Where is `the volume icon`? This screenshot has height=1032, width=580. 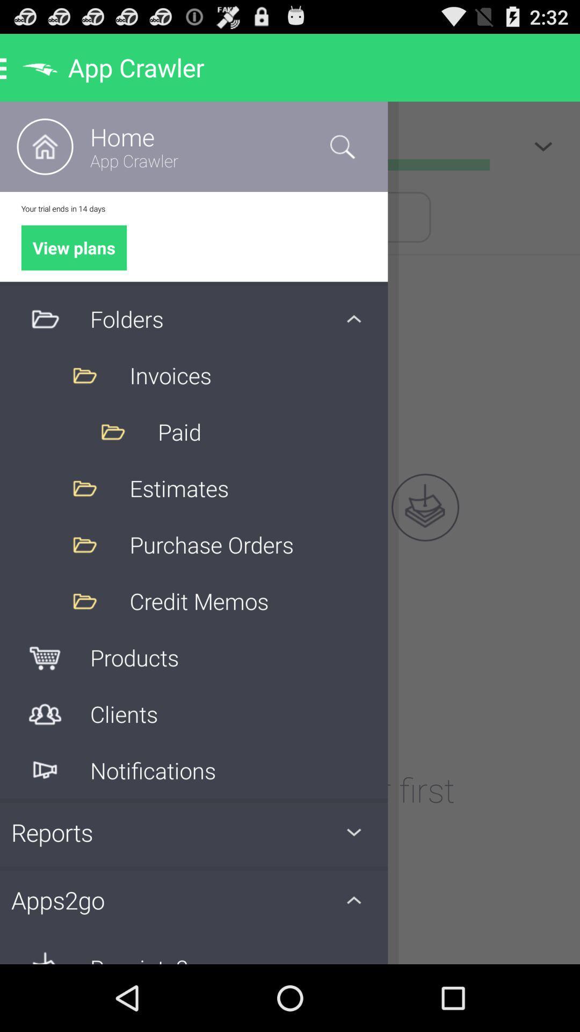 the volume icon is located at coordinates (155, 543).